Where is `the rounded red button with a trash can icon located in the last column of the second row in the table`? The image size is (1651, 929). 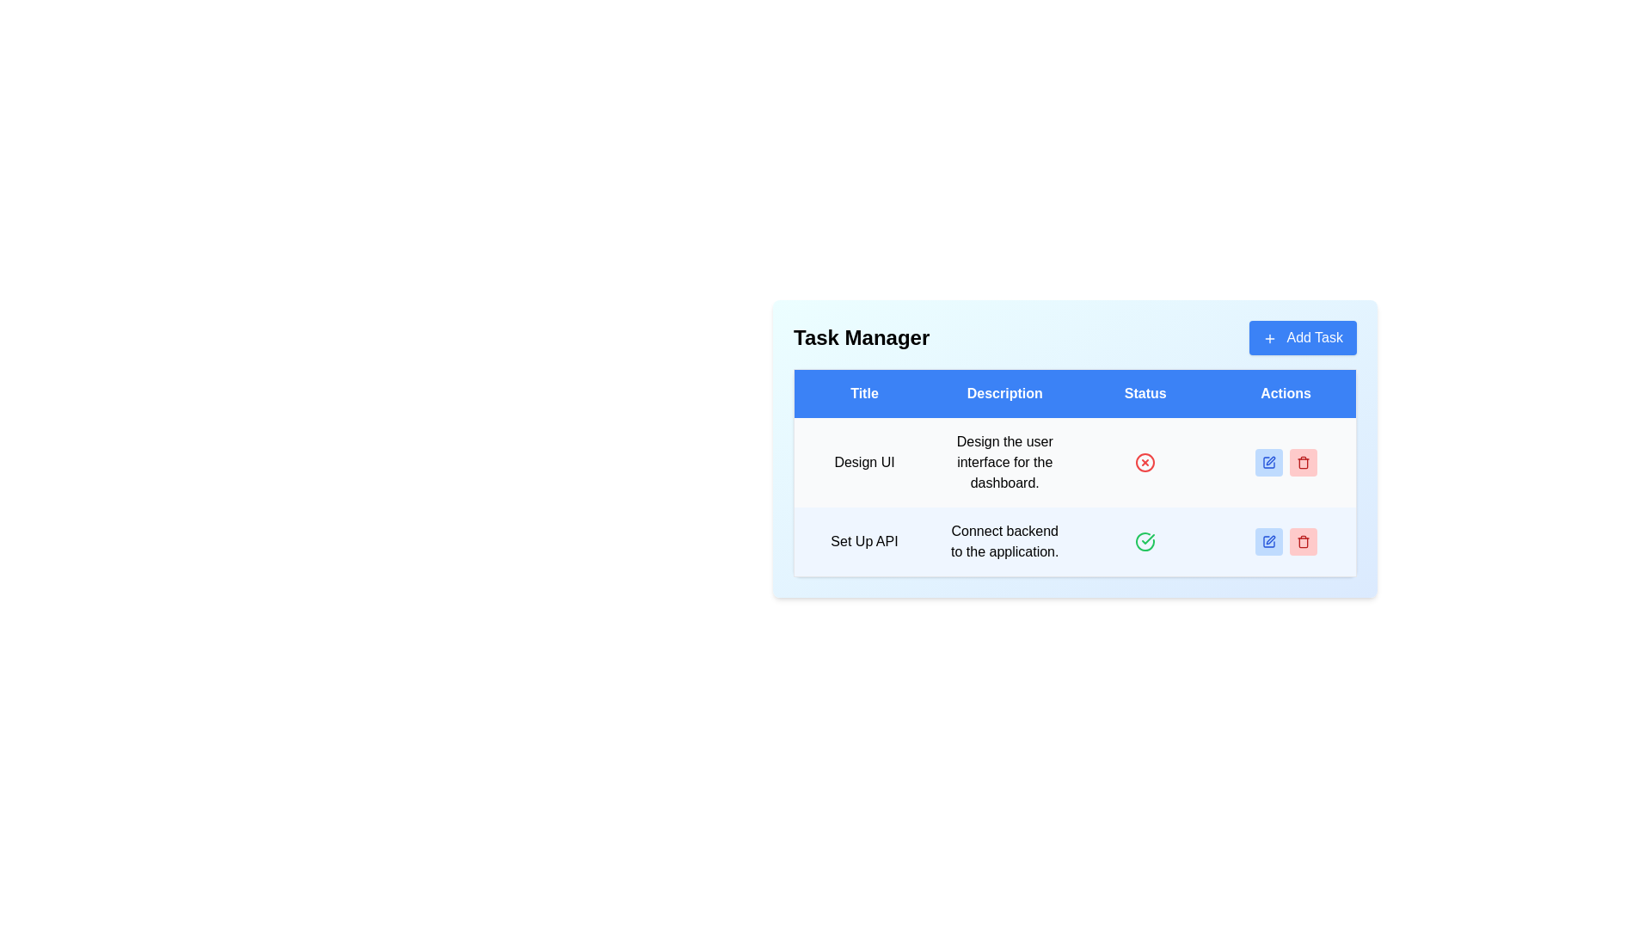 the rounded red button with a trash can icon located in the last column of the second row in the table is located at coordinates (1303, 540).